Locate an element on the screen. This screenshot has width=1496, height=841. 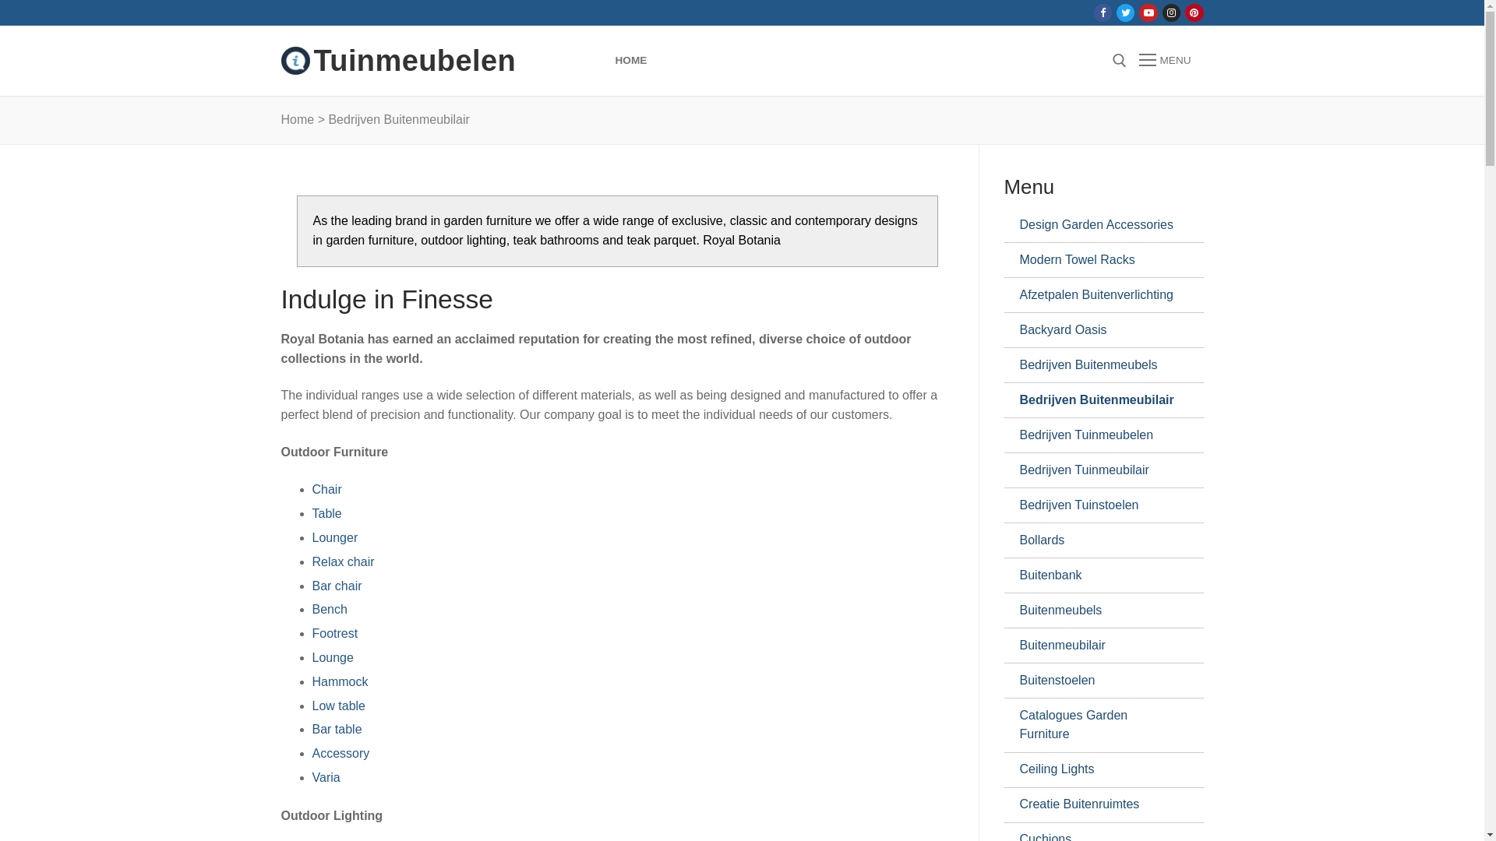
'Bedrijven Tuinstoelen' is located at coordinates (1096, 505).